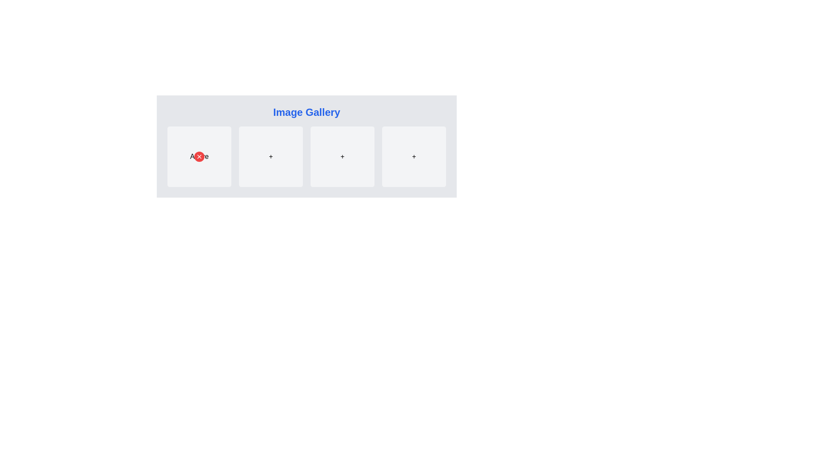 The image size is (818, 460). I want to click on the fourth tile in the grid layout labeled 'Image Gallery', so click(414, 156).